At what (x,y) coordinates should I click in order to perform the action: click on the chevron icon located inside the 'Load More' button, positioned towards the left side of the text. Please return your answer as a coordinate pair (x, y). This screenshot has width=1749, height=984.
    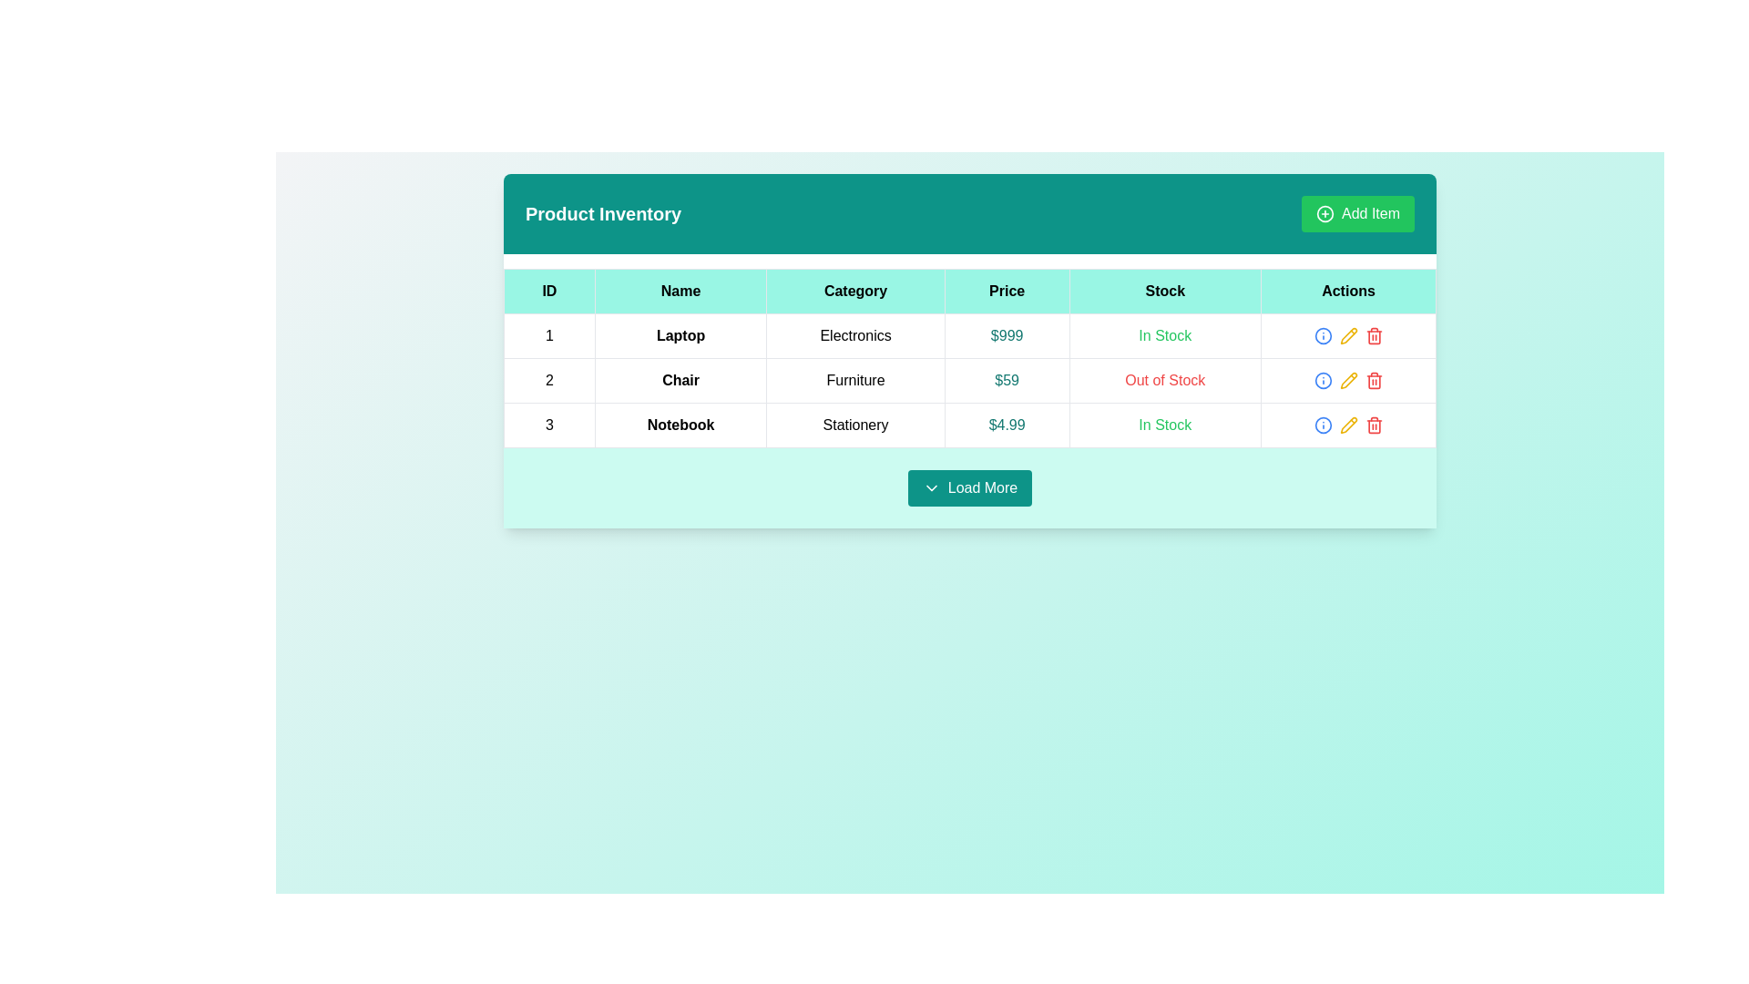
    Looking at the image, I should click on (931, 487).